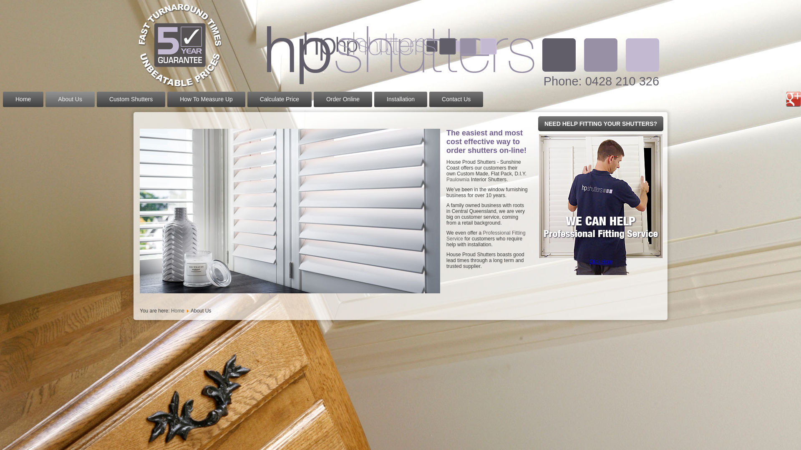  Describe the element at coordinates (313, 99) in the screenshot. I see `'Order Online'` at that location.